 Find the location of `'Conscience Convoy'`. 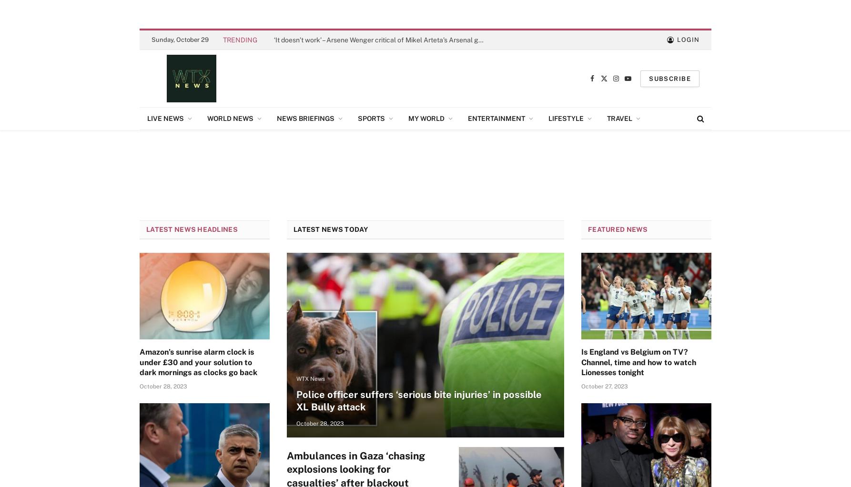

'Conscience Convoy' is located at coordinates (523, 200).